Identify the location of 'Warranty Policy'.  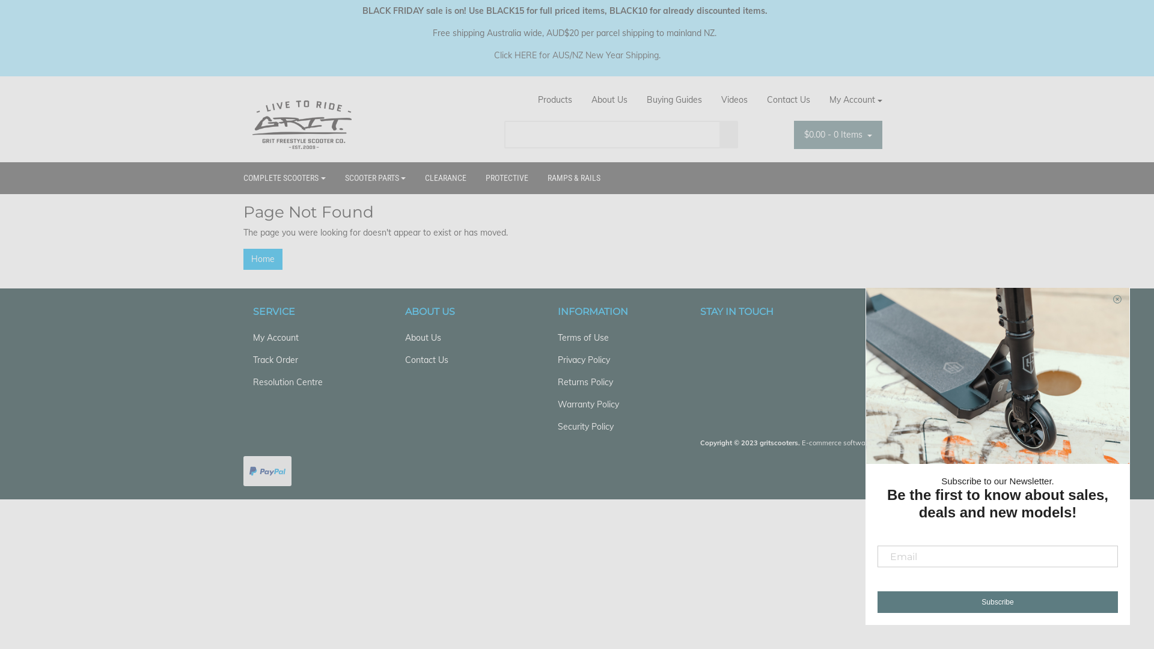
(615, 404).